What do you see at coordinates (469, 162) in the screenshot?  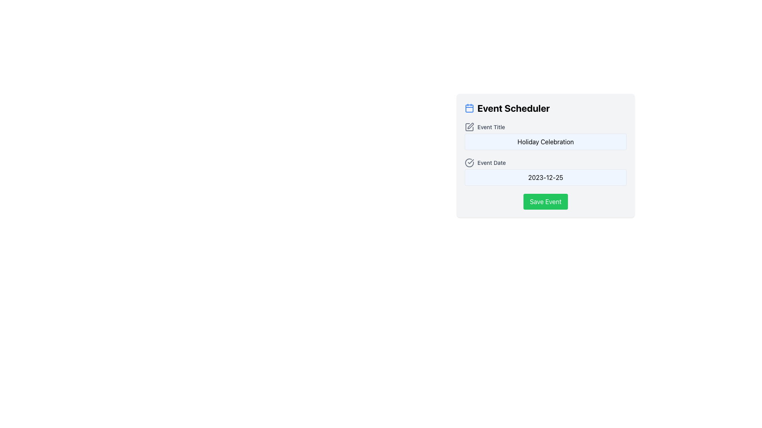 I see `the circular segment icon located next to the 'Event Date' label in the user interface` at bounding box center [469, 162].